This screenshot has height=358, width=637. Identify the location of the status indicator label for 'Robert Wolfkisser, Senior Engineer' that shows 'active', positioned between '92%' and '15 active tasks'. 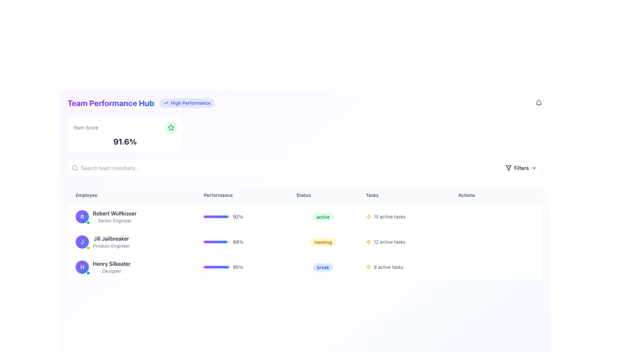
(323, 216).